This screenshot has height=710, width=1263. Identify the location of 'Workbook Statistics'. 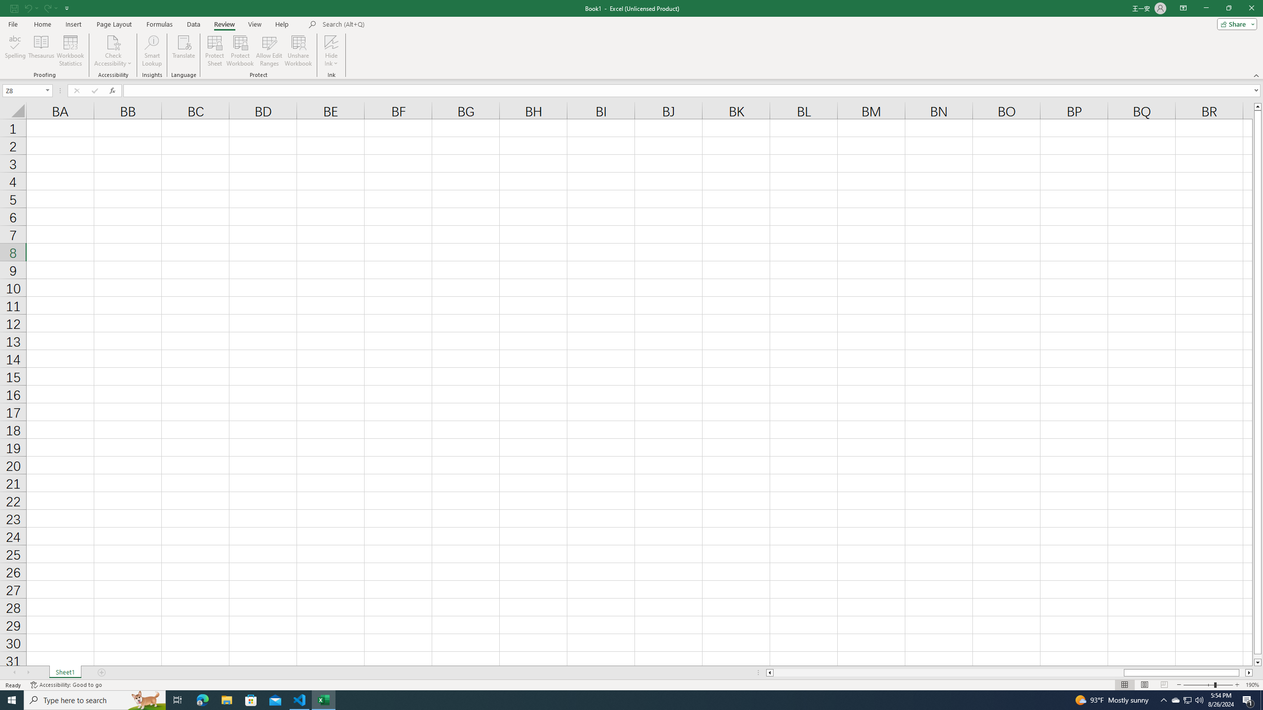
(70, 51).